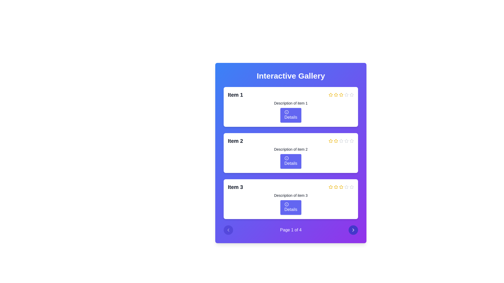 Image resolution: width=504 pixels, height=283 pixels. Describe the element at coordinates (341, 95) in the screenshot. I see `the third star in the star rating system for 'Item 1' in the Interactive Gallery` at that location.